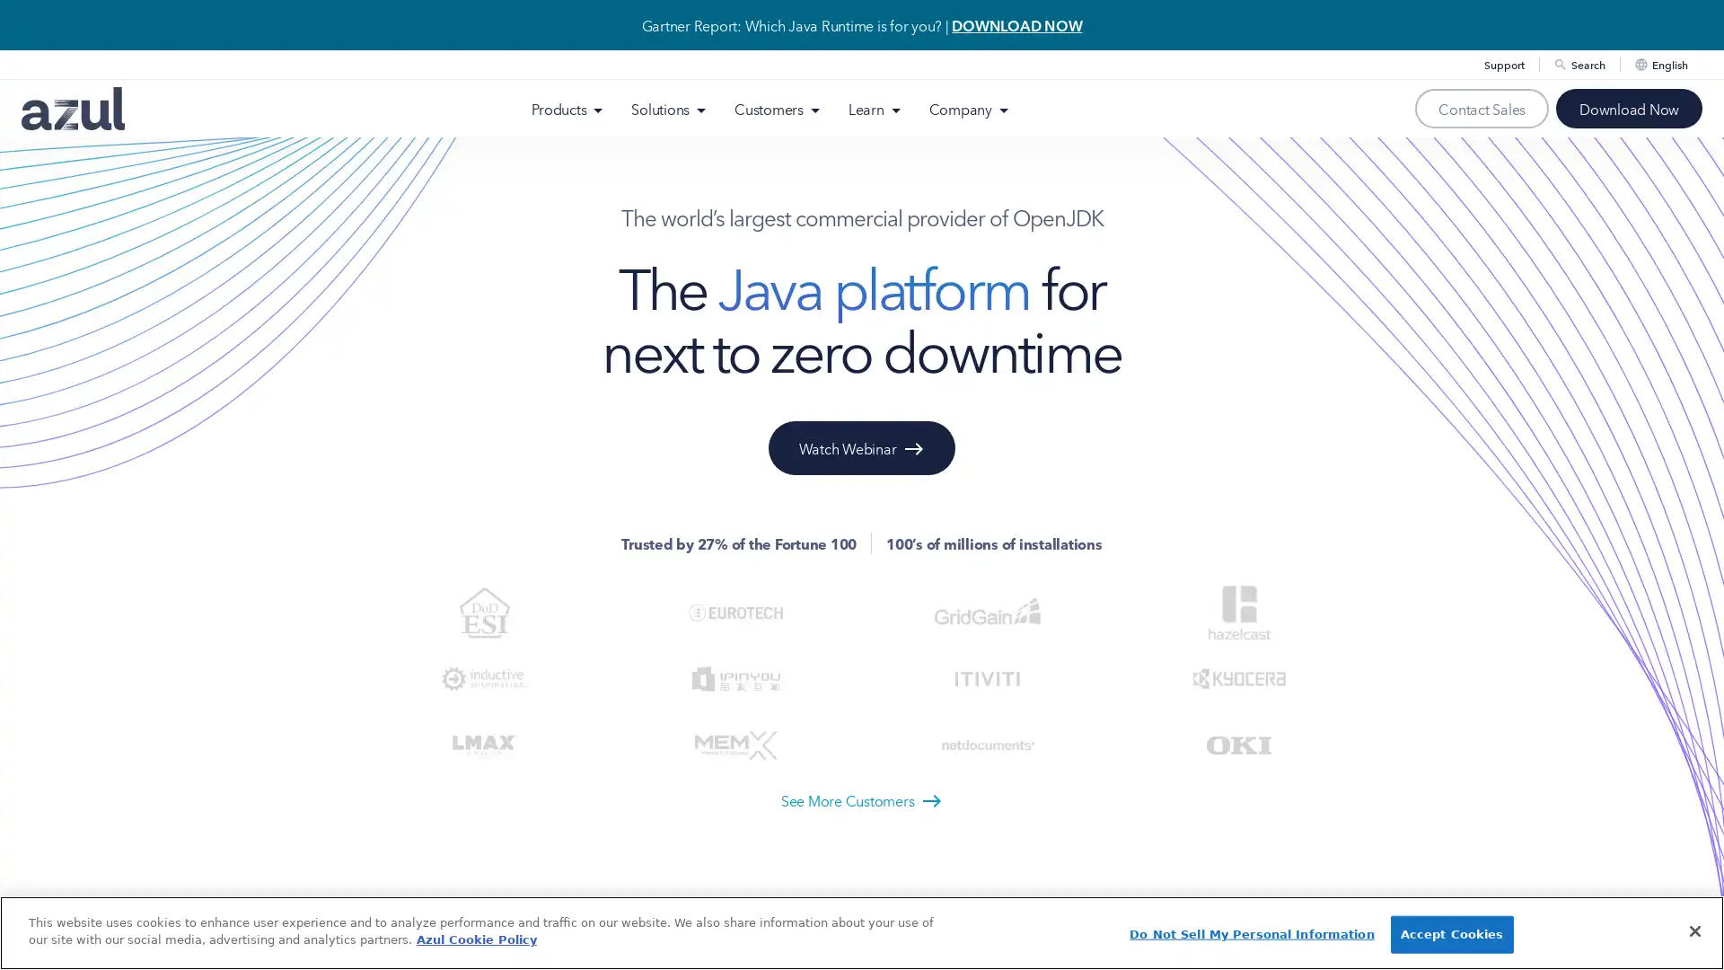 The image size is (1724, 970). Describe the element at coordinates (1578, 64) in the screenshot. I see `search Search` at that location.